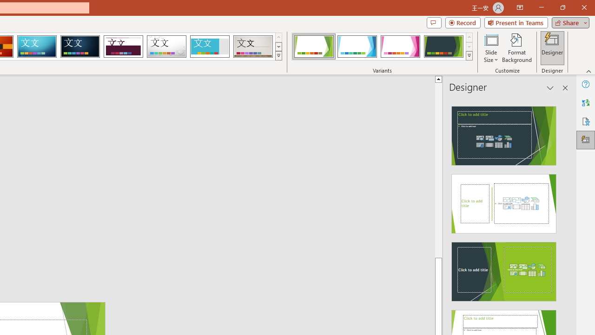  What do you see at coordinates (80, 47) in the screenshot?
I see `'Damask'` at bounding box center [80, 47].